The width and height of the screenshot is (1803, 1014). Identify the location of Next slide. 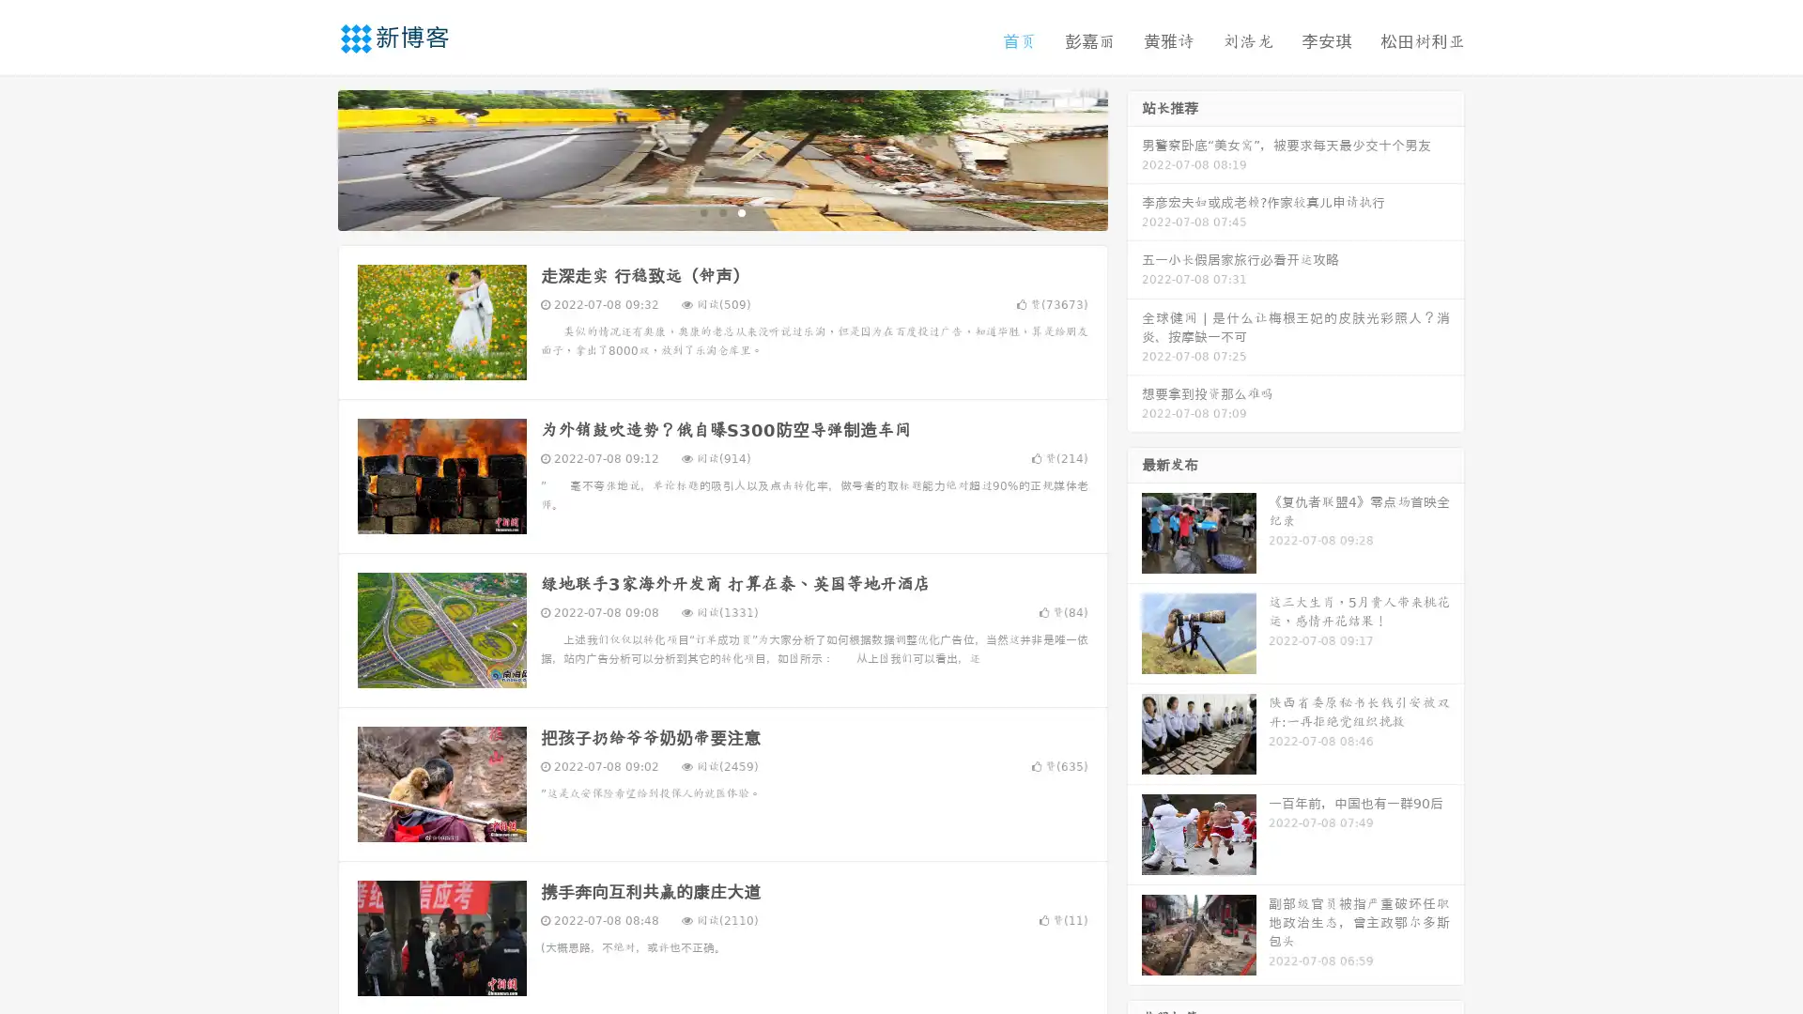
(1134, 158).